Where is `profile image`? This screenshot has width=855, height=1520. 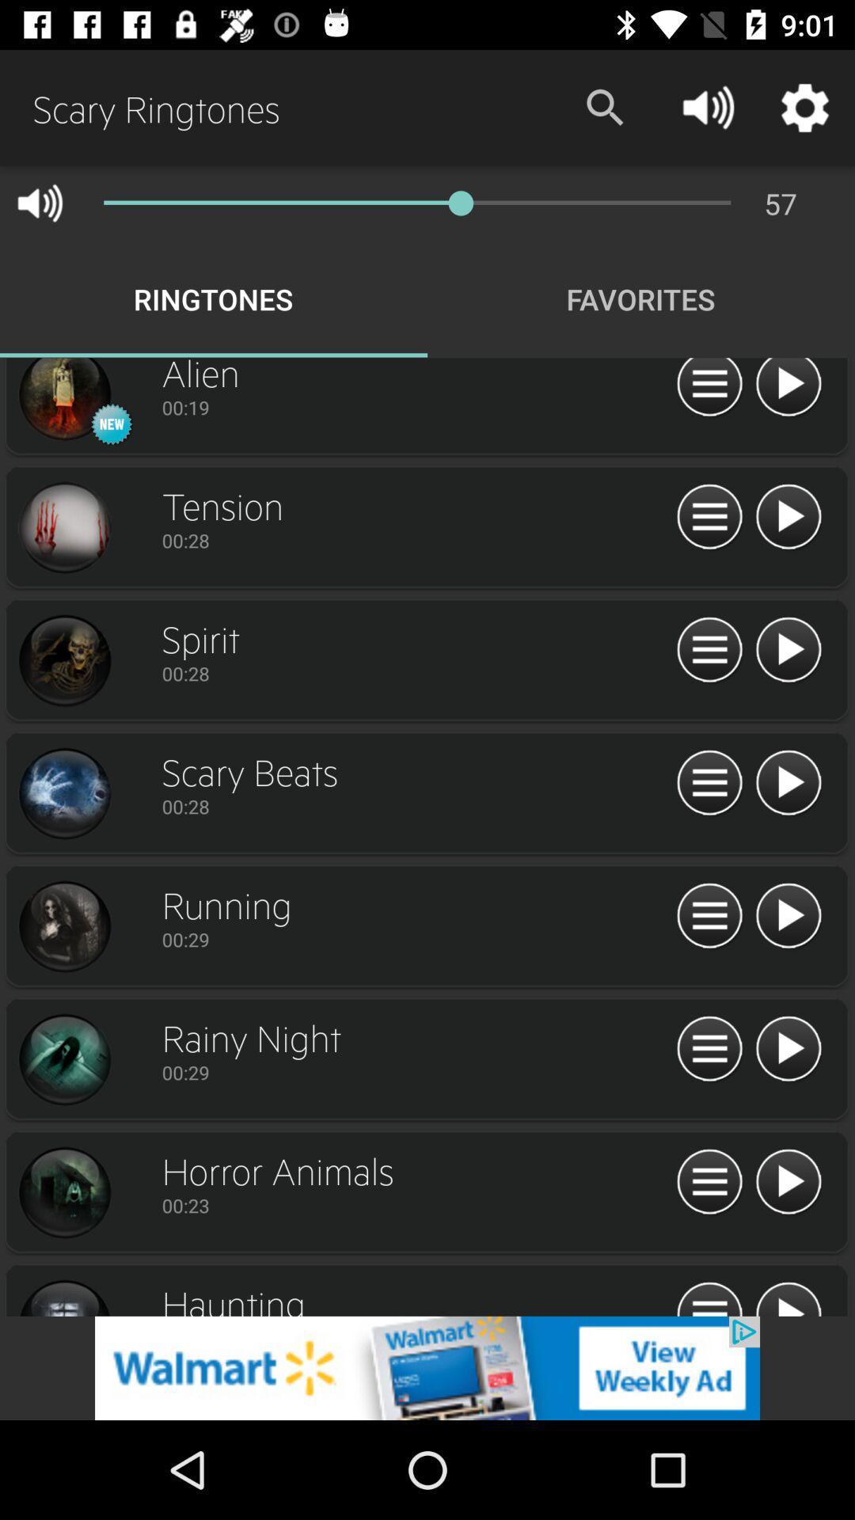 profile image is located at coordinates (63, 528).